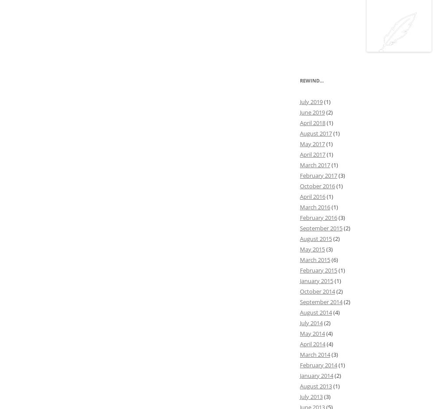 Image resolution: width=442 pixels, height=409 pixels. I want to click on 'March 2014', so click(315, 354).